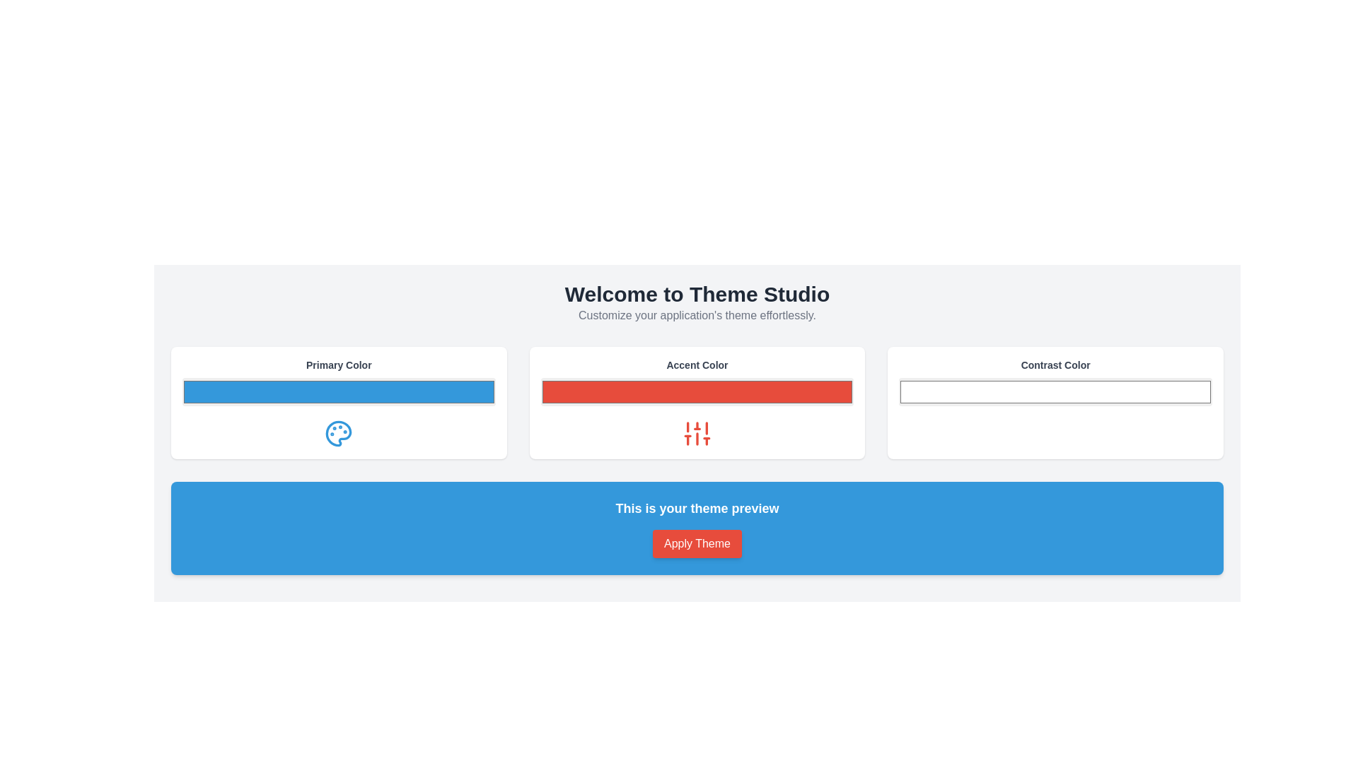 The width and height of the screenshot is (1358, 763). Describe the element at coordinates (697, 432) in the screenshot. I see `the customization icon located below the red color input bar labeled 'Accent Color'` at that location.